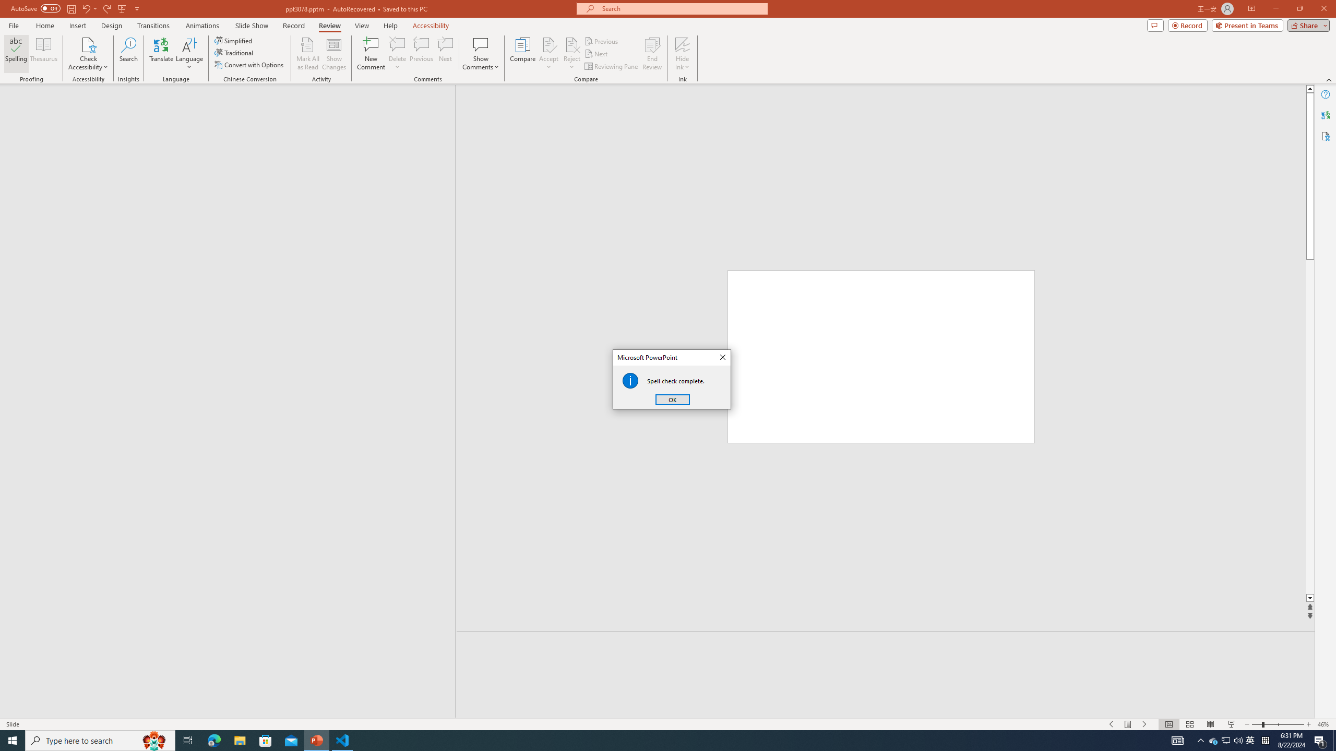 This screenshot has width=1336, height=751. What do you see at coordinates (43, 54) in the screenshot?
I see `'Thesaurus...'` at bounding box center [43, 54].